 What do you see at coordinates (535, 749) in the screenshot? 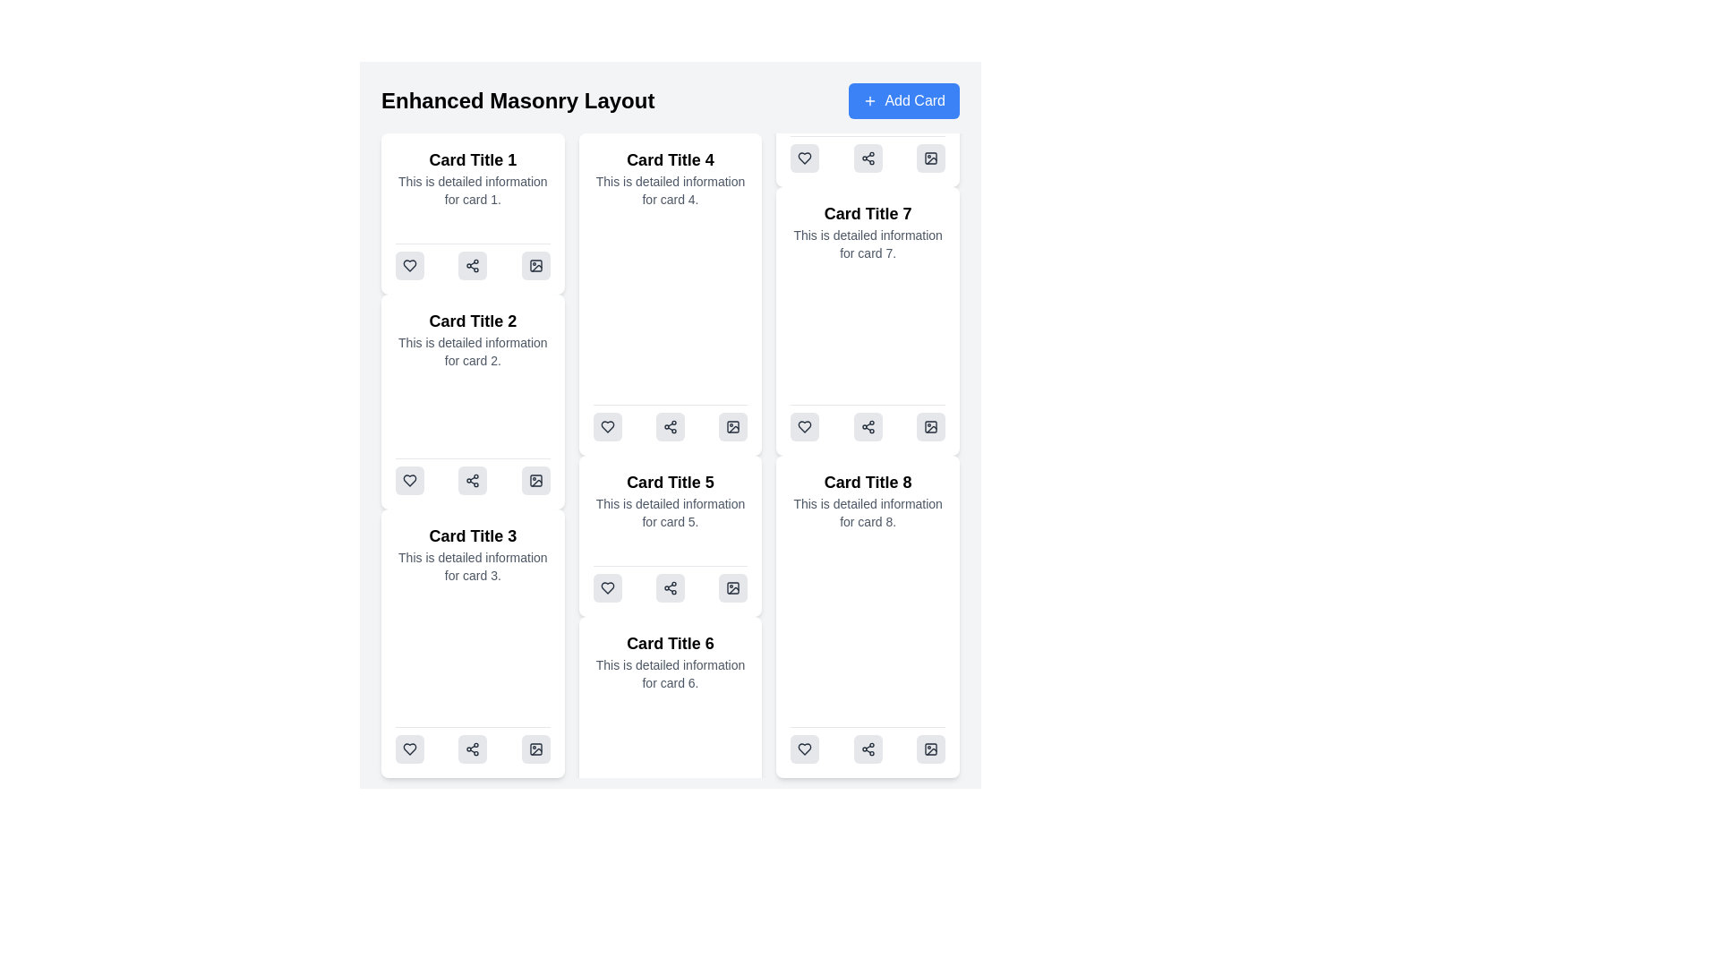
I see `the rightmost button located in the bottom control section of the card labeled 'Card Title 3'` at bounding box center [535, 749].